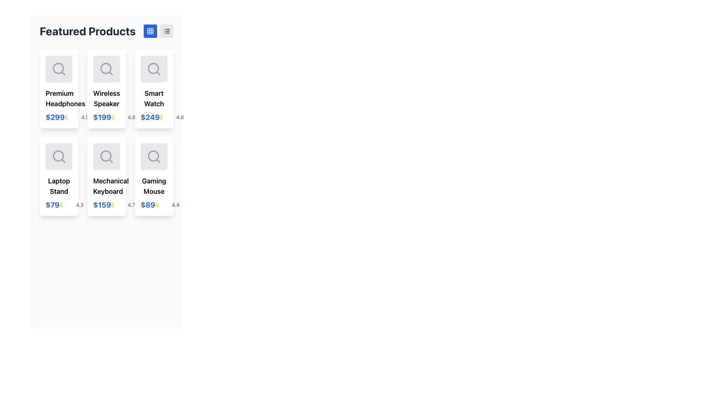 This screenshot has width=713, height=401. What do you see at coordinates (58, 176) in the screenshot?
I see `the Laptop Stand product card located in the second row and first column of the product grid` at bounding box center [58, 176].